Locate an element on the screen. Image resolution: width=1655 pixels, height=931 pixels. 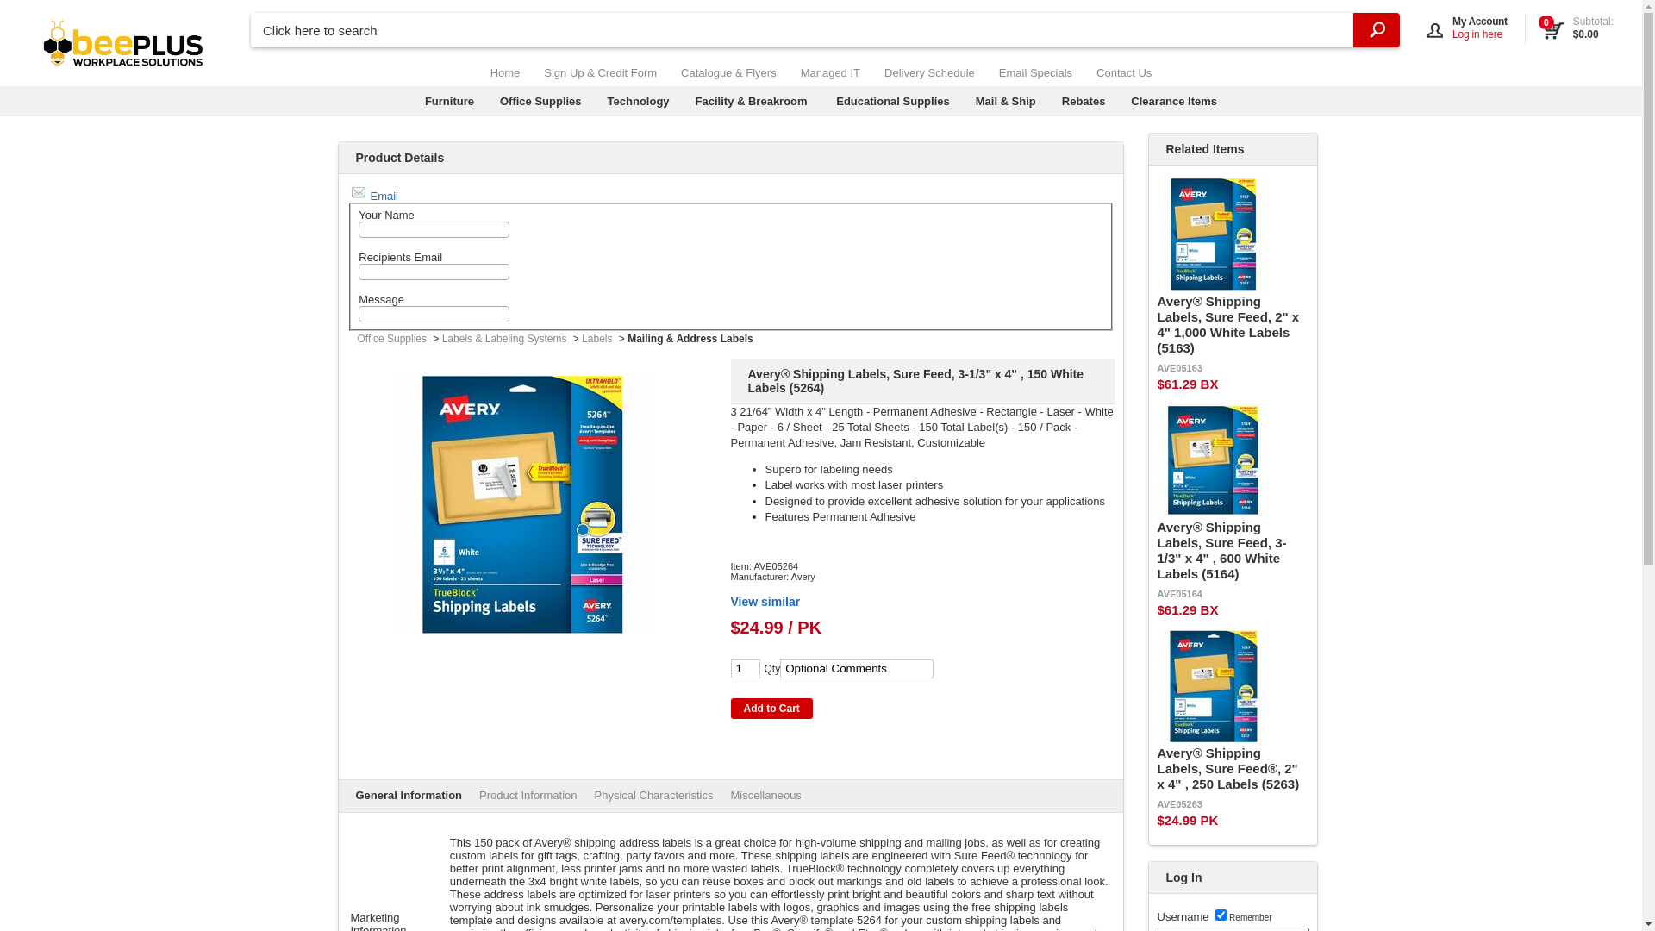
'Technology' is located at coordinates (637, 101).